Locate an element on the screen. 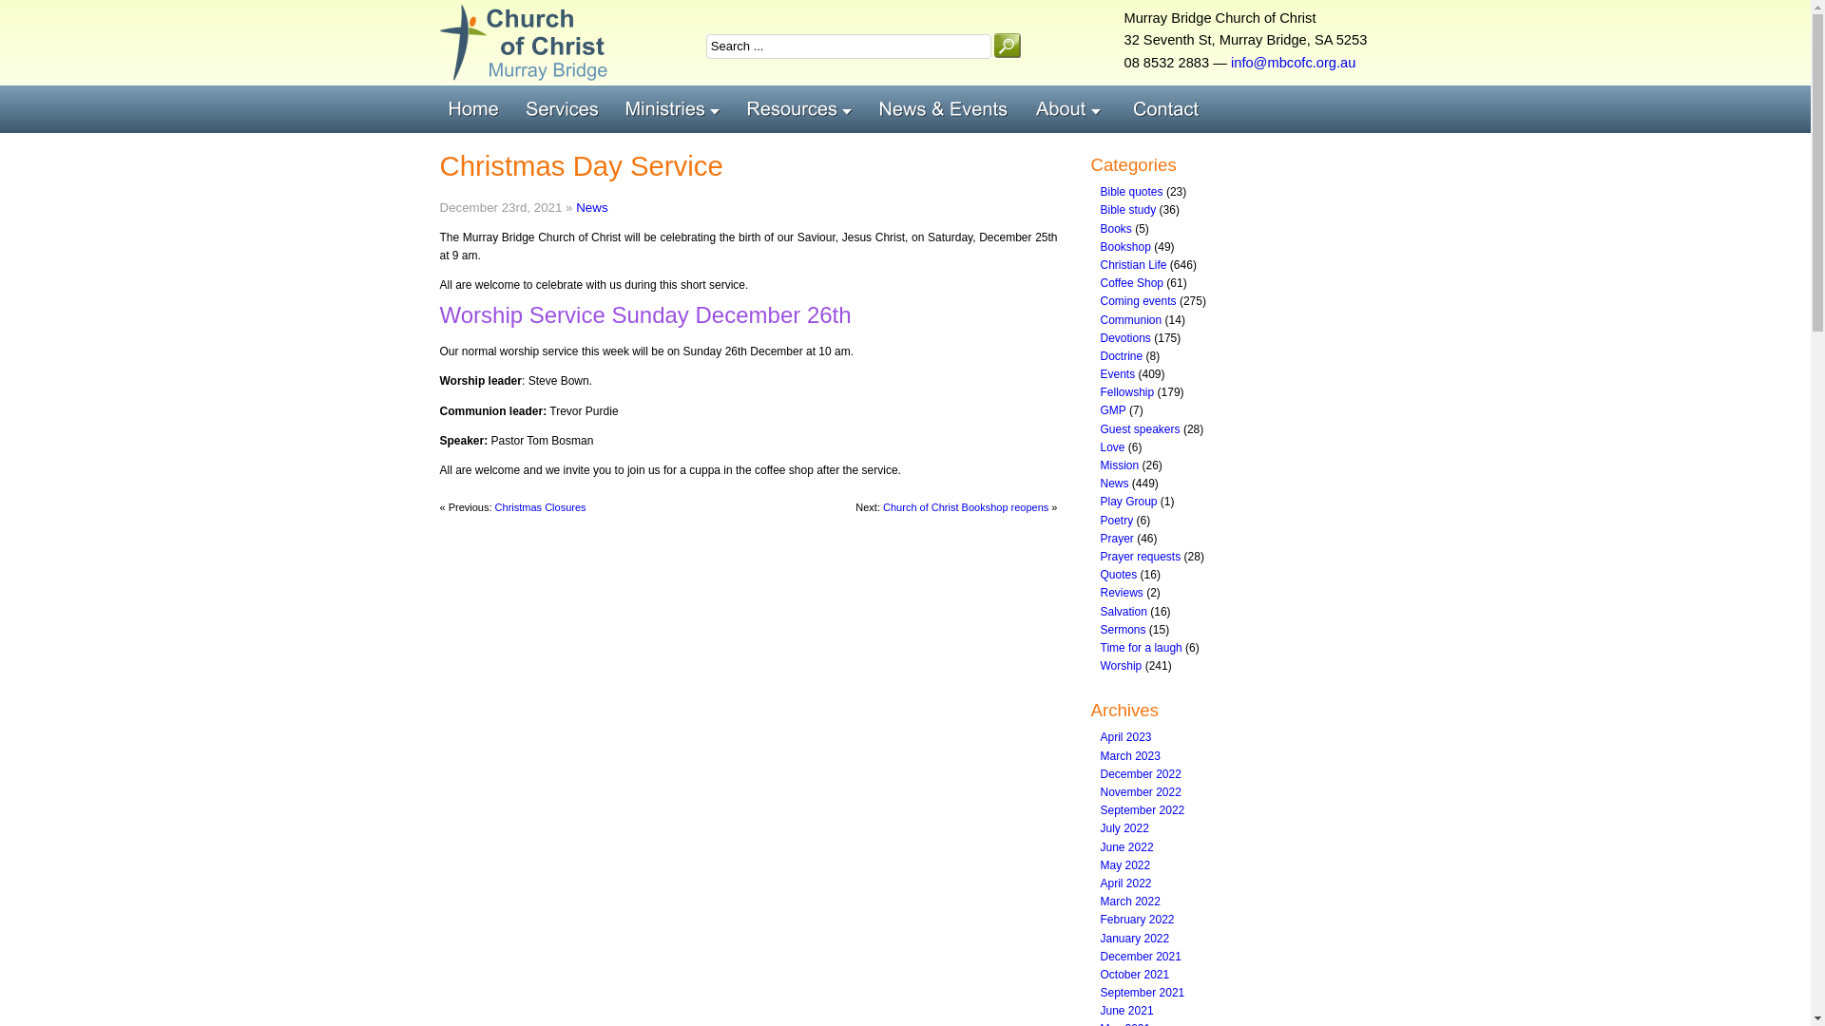 This screenshot has height=1026, width=1825. 'Guest speakers' is located at coordinates (1141, 428).